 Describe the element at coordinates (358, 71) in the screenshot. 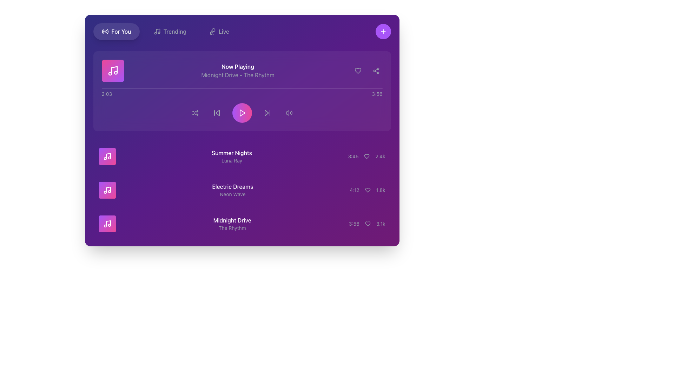

I see `the heart icon at the far-right corner of the 'Now Playing' section` at that location.